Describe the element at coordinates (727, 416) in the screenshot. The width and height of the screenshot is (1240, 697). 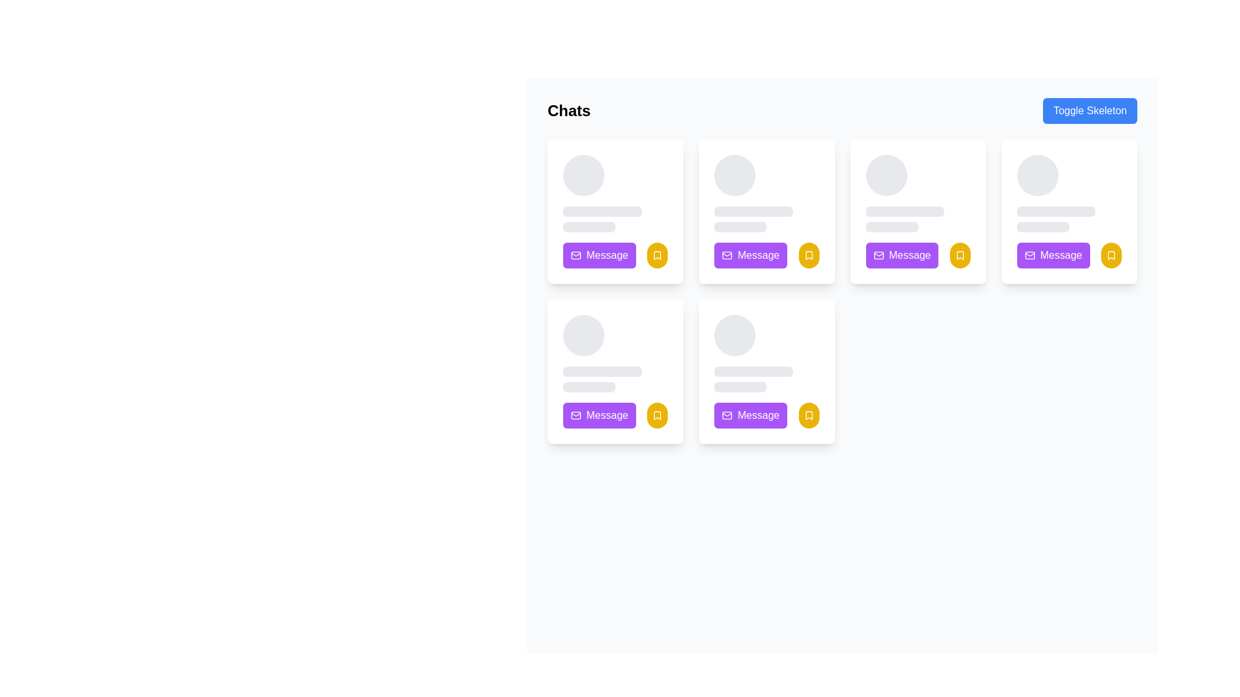
I see `the decorative messaging SVG icon located on the left side of the 'Message' button at the bottom of the second card in the third row of the grid layout` at that location.